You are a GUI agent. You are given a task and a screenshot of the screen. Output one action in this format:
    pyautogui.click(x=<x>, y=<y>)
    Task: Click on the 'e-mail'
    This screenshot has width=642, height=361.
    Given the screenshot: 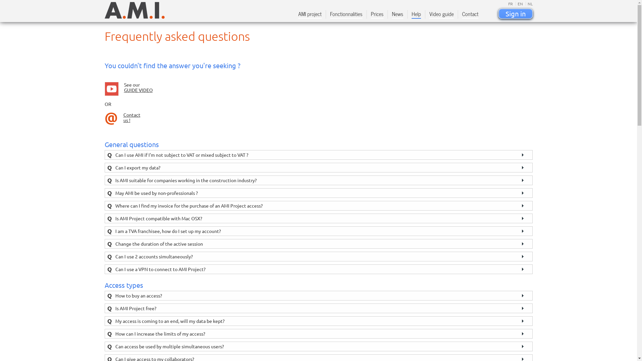 What is the action you would take?
    pyautogui.click(x=111, y=118)
    